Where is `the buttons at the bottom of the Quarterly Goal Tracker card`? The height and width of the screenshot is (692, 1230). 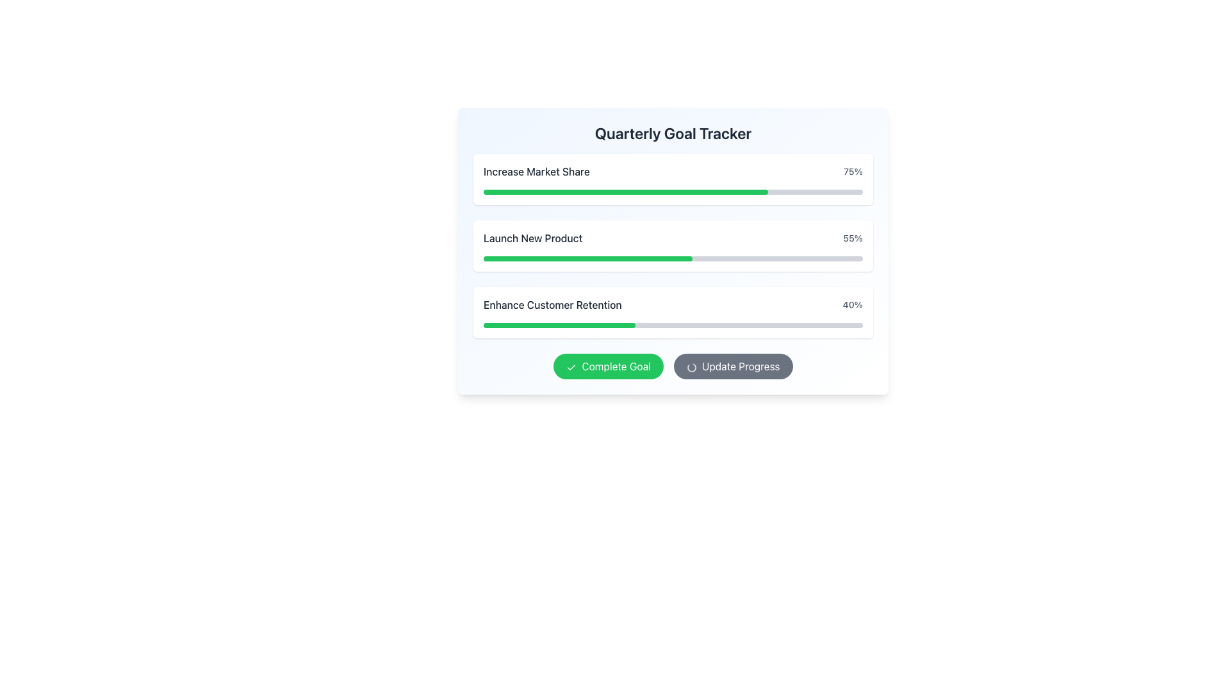 the buttons at the bottom of the Quarterly Goal Tracker card is located at coordinates (673, 251).